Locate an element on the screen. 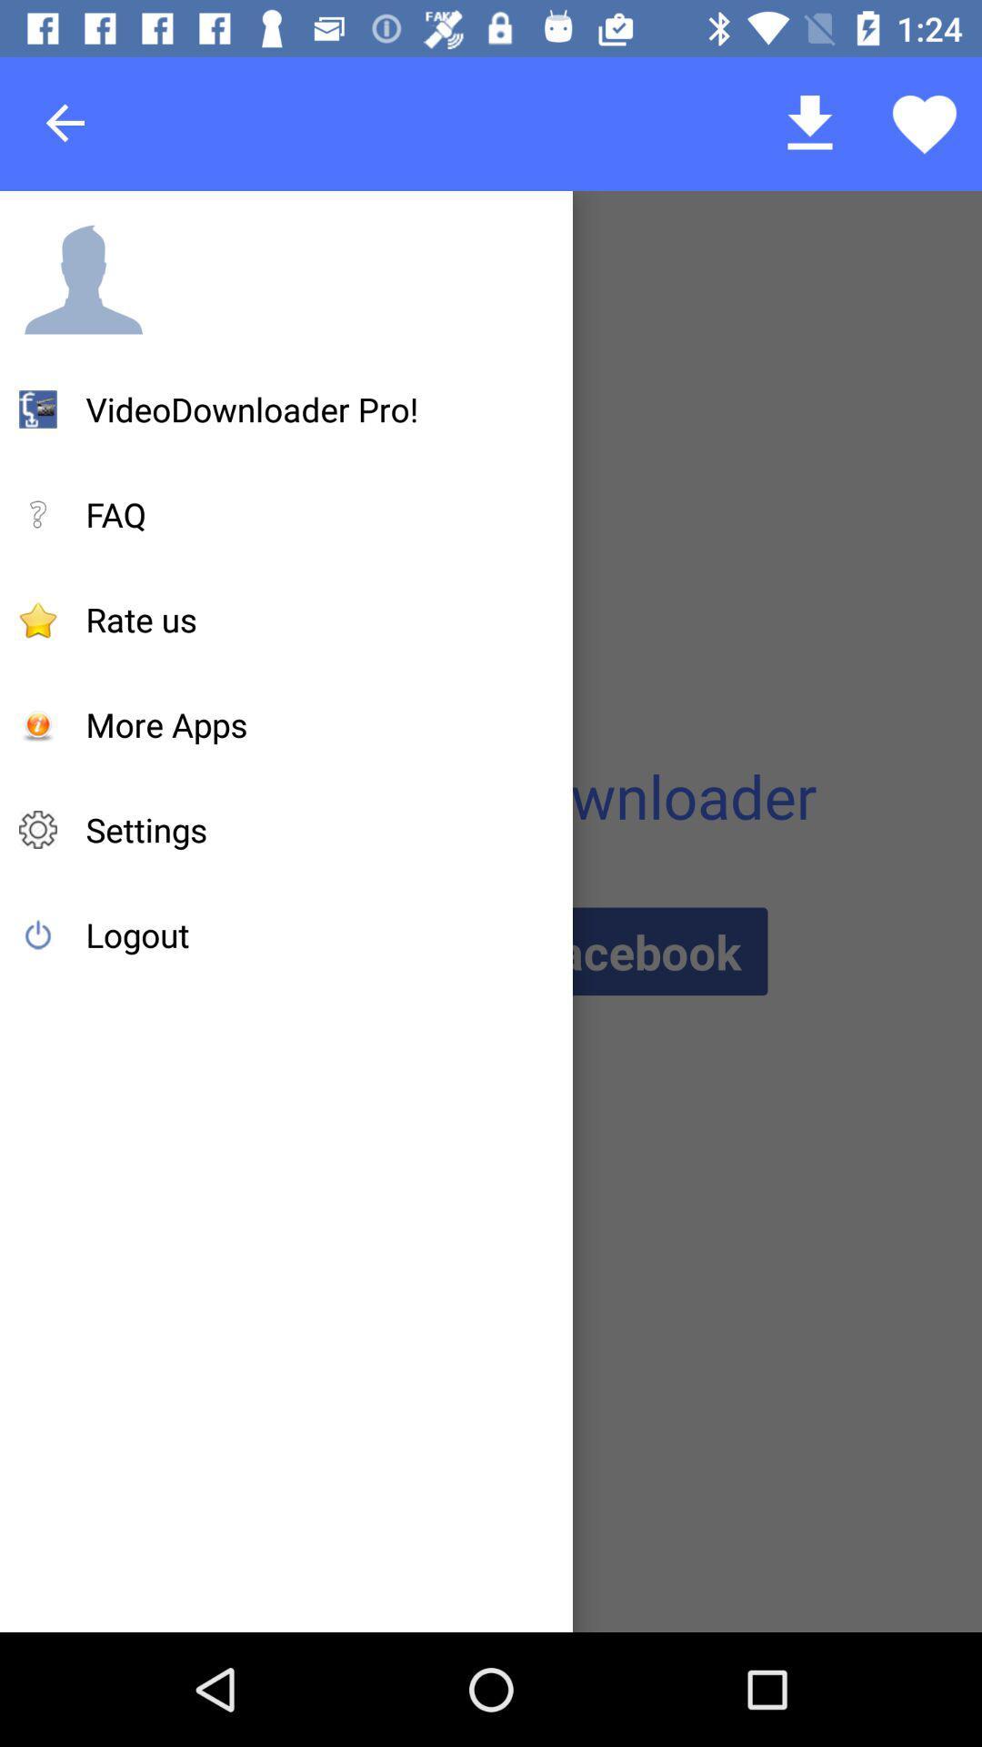 The image size is (982, 1747). the icon below settings is located at coordinates (136, 934).